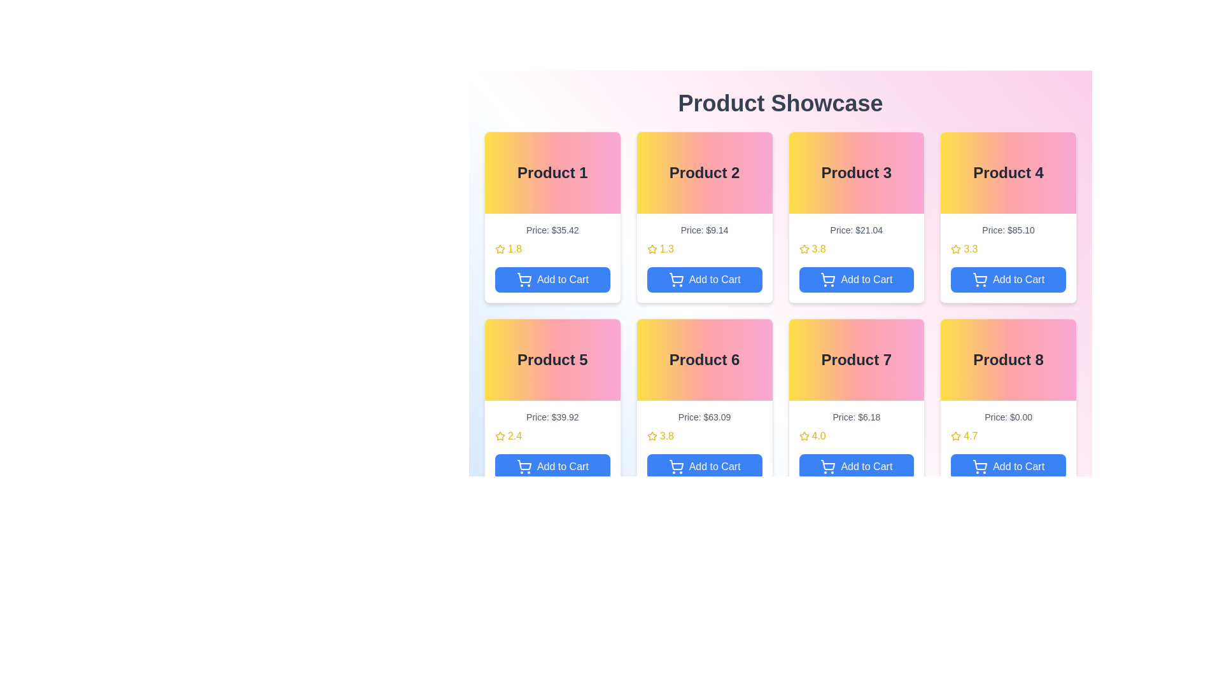  Describe the element at coordinates (552, 279) in the screenshot. I see `the fifth button below the price and rating information of 'Product 1'` at that location.